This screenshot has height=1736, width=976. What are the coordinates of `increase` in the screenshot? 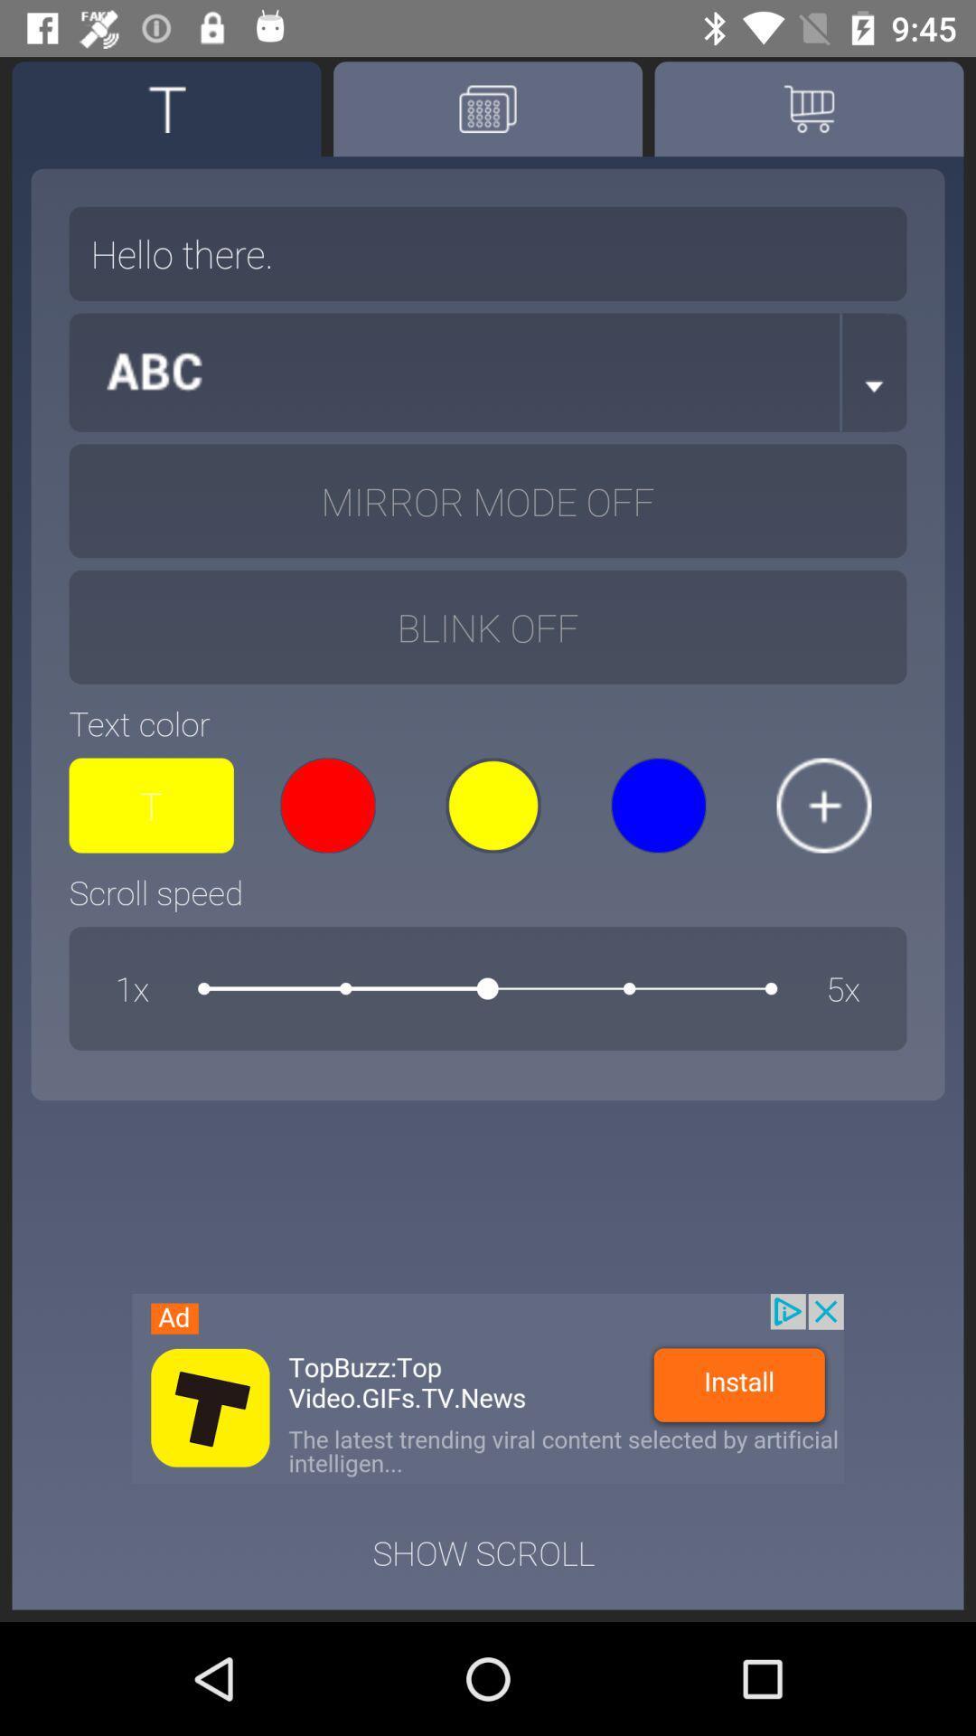 It's located at (823, 805).